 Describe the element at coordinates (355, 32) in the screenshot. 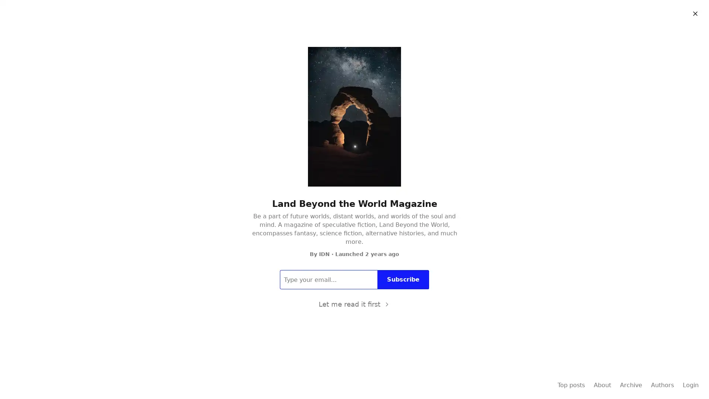

I see `Archive` at that location.